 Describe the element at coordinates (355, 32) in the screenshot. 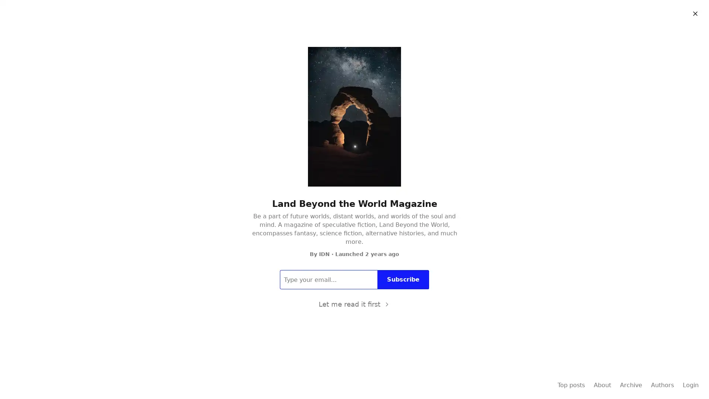

I see `Archive` at that location.